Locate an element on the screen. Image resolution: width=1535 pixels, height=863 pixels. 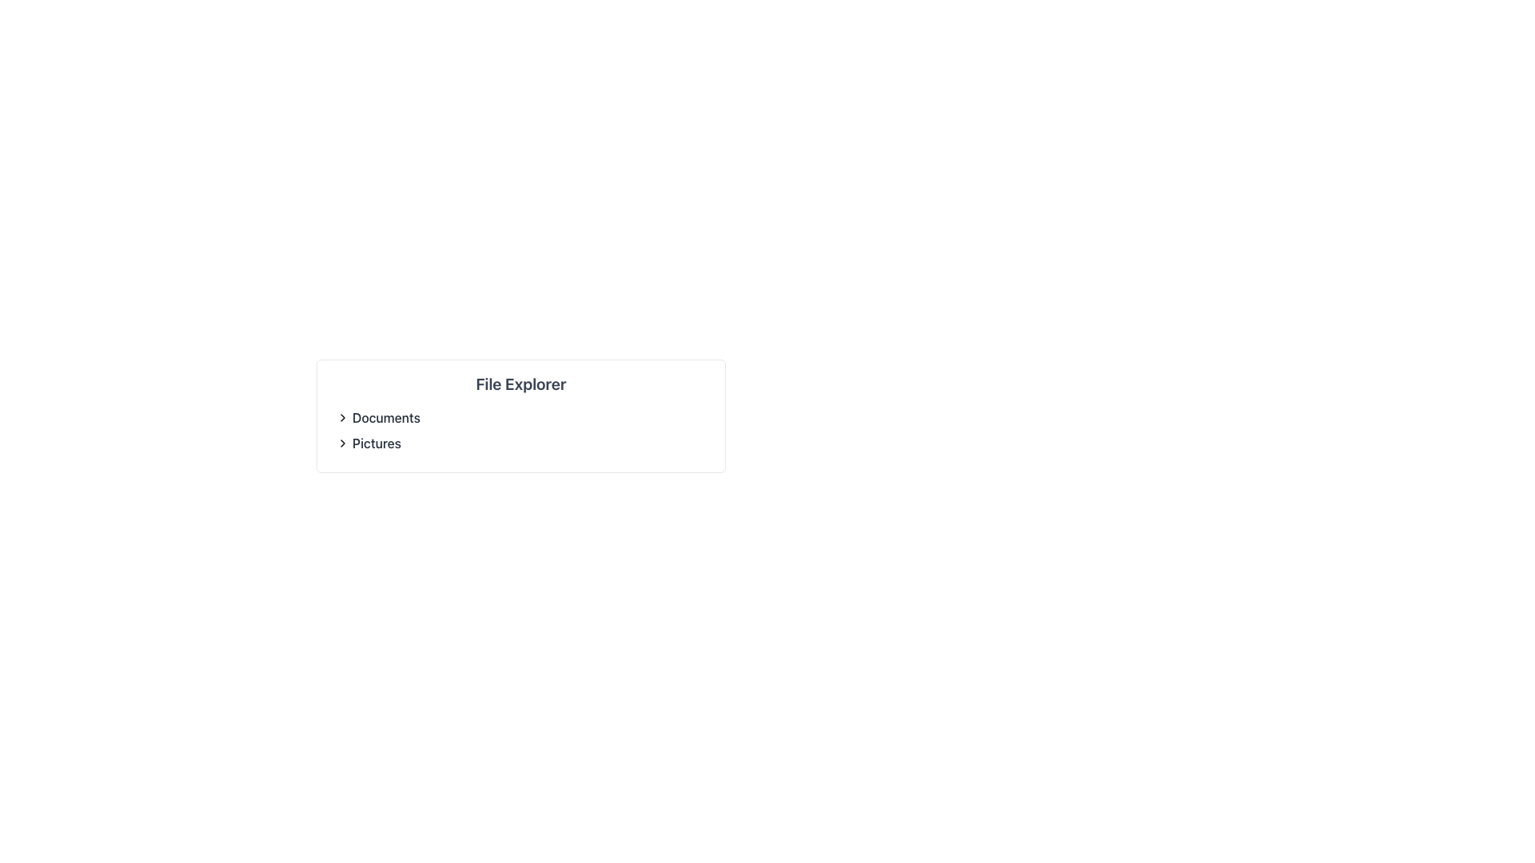
the chevron-right SVG icon located to the left of the 'Pictures' text label is located at coordinates (341, 443).